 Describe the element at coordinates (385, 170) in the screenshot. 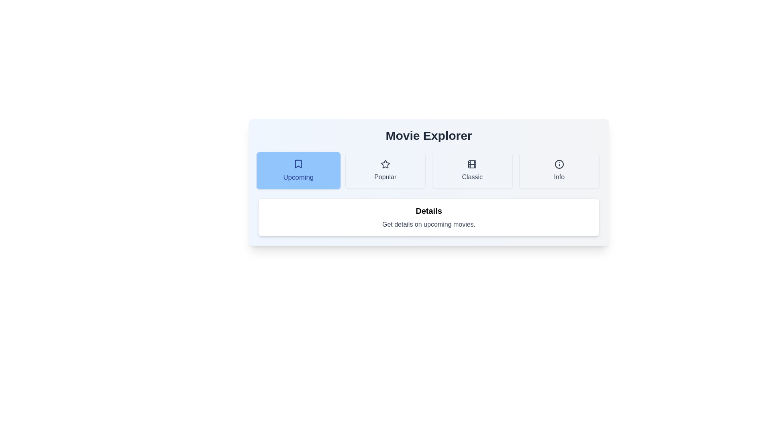

I see `the 'Popular' button located beneath the 'Movie Explorer' title` at that location.